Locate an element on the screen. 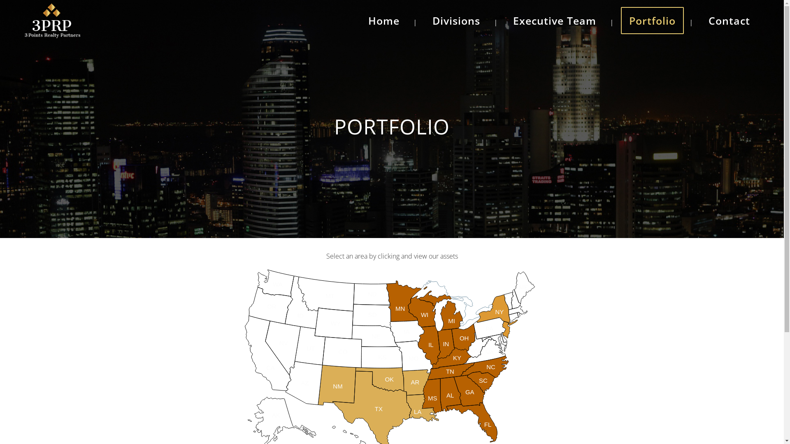  'Portfolio' is located at coordinates (652, 20).